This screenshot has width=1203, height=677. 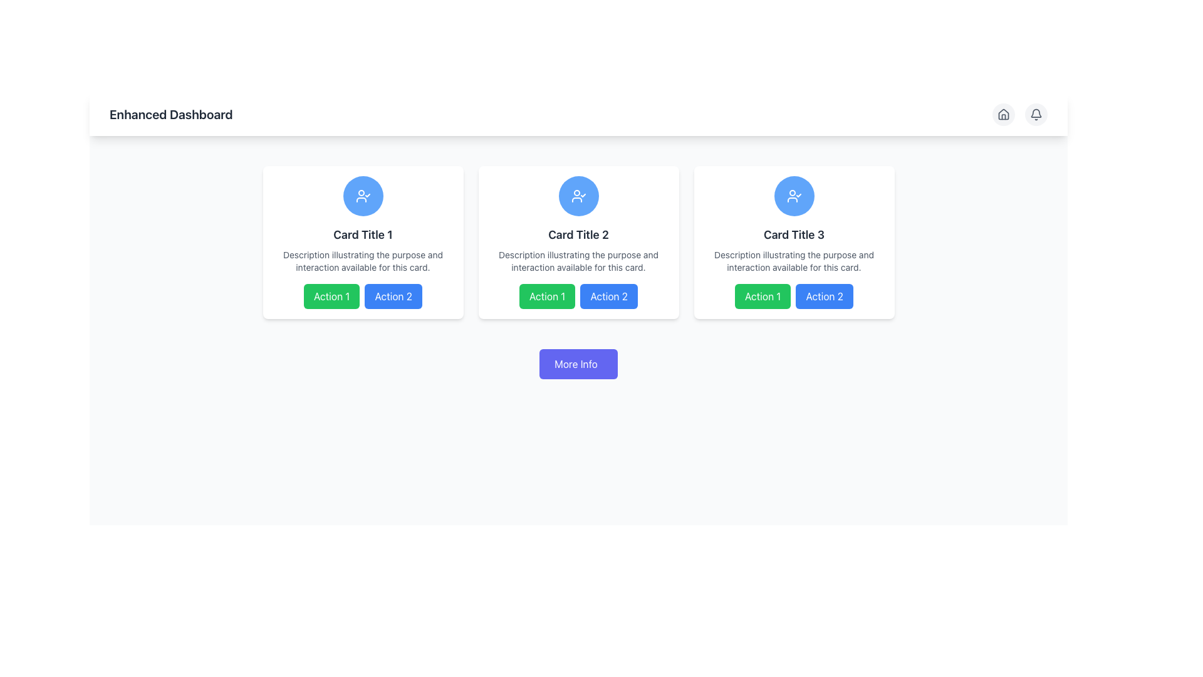 What do you see at coordinates (578, 297) in the screenshot?
I see `the 'Action 1' button located at the bottom of the second card in a row of three cards` at bounding box center [578, 297].